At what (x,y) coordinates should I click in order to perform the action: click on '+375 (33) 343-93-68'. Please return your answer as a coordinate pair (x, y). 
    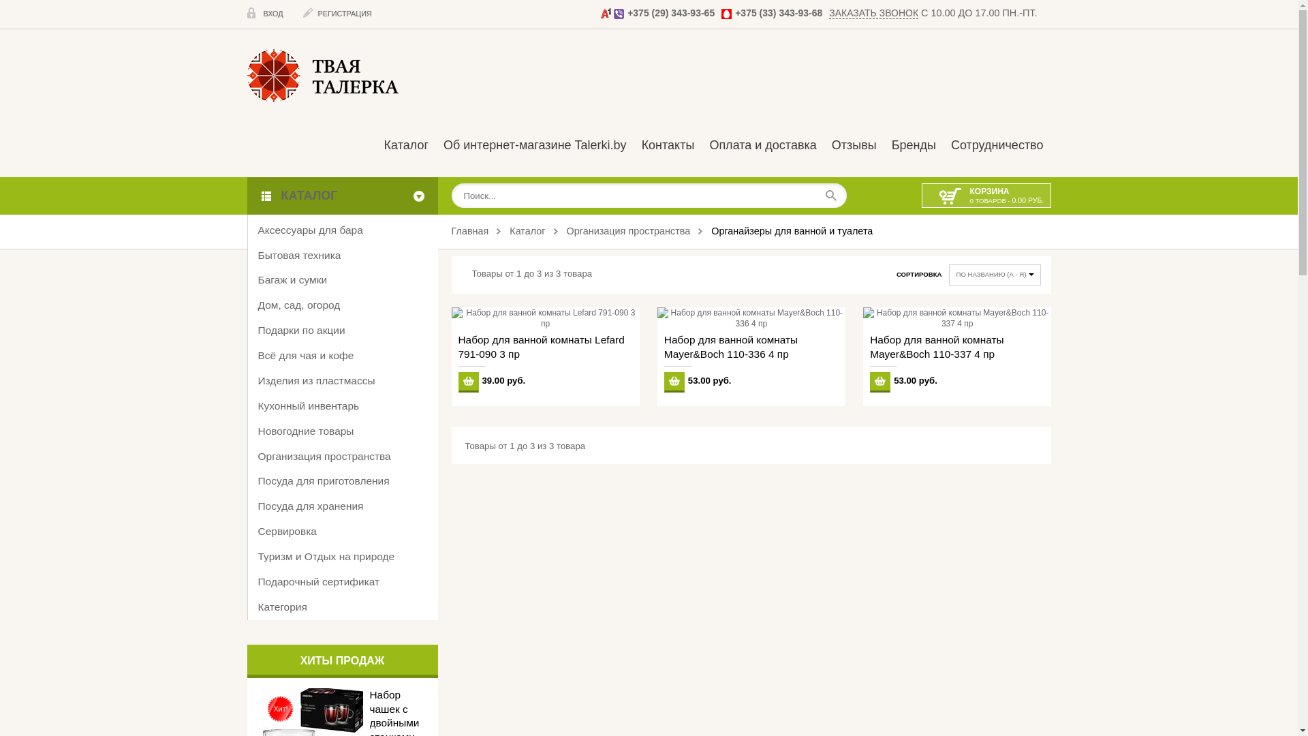
    Looking at the image, I should click on (778, 13).